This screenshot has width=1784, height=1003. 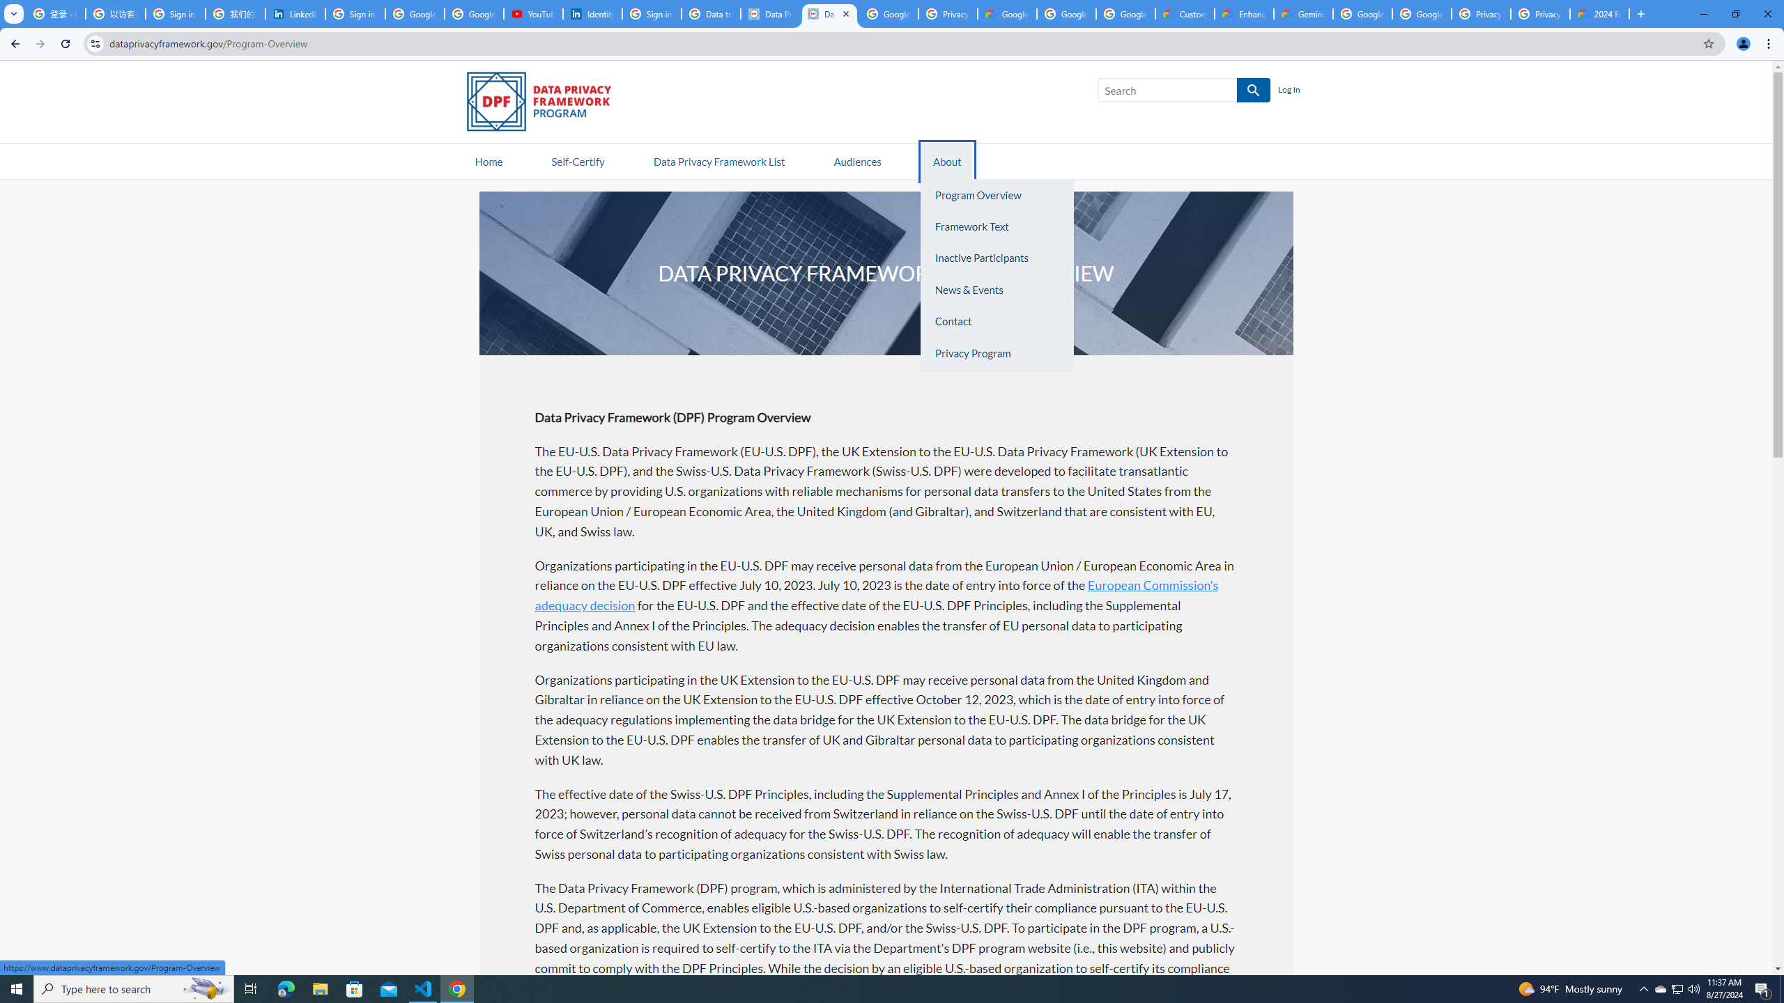 What do you see at coordinates (1421, 13) in the screenshot?
I see `'Google Cloud Platform'` at bounding box center [1421, 13].